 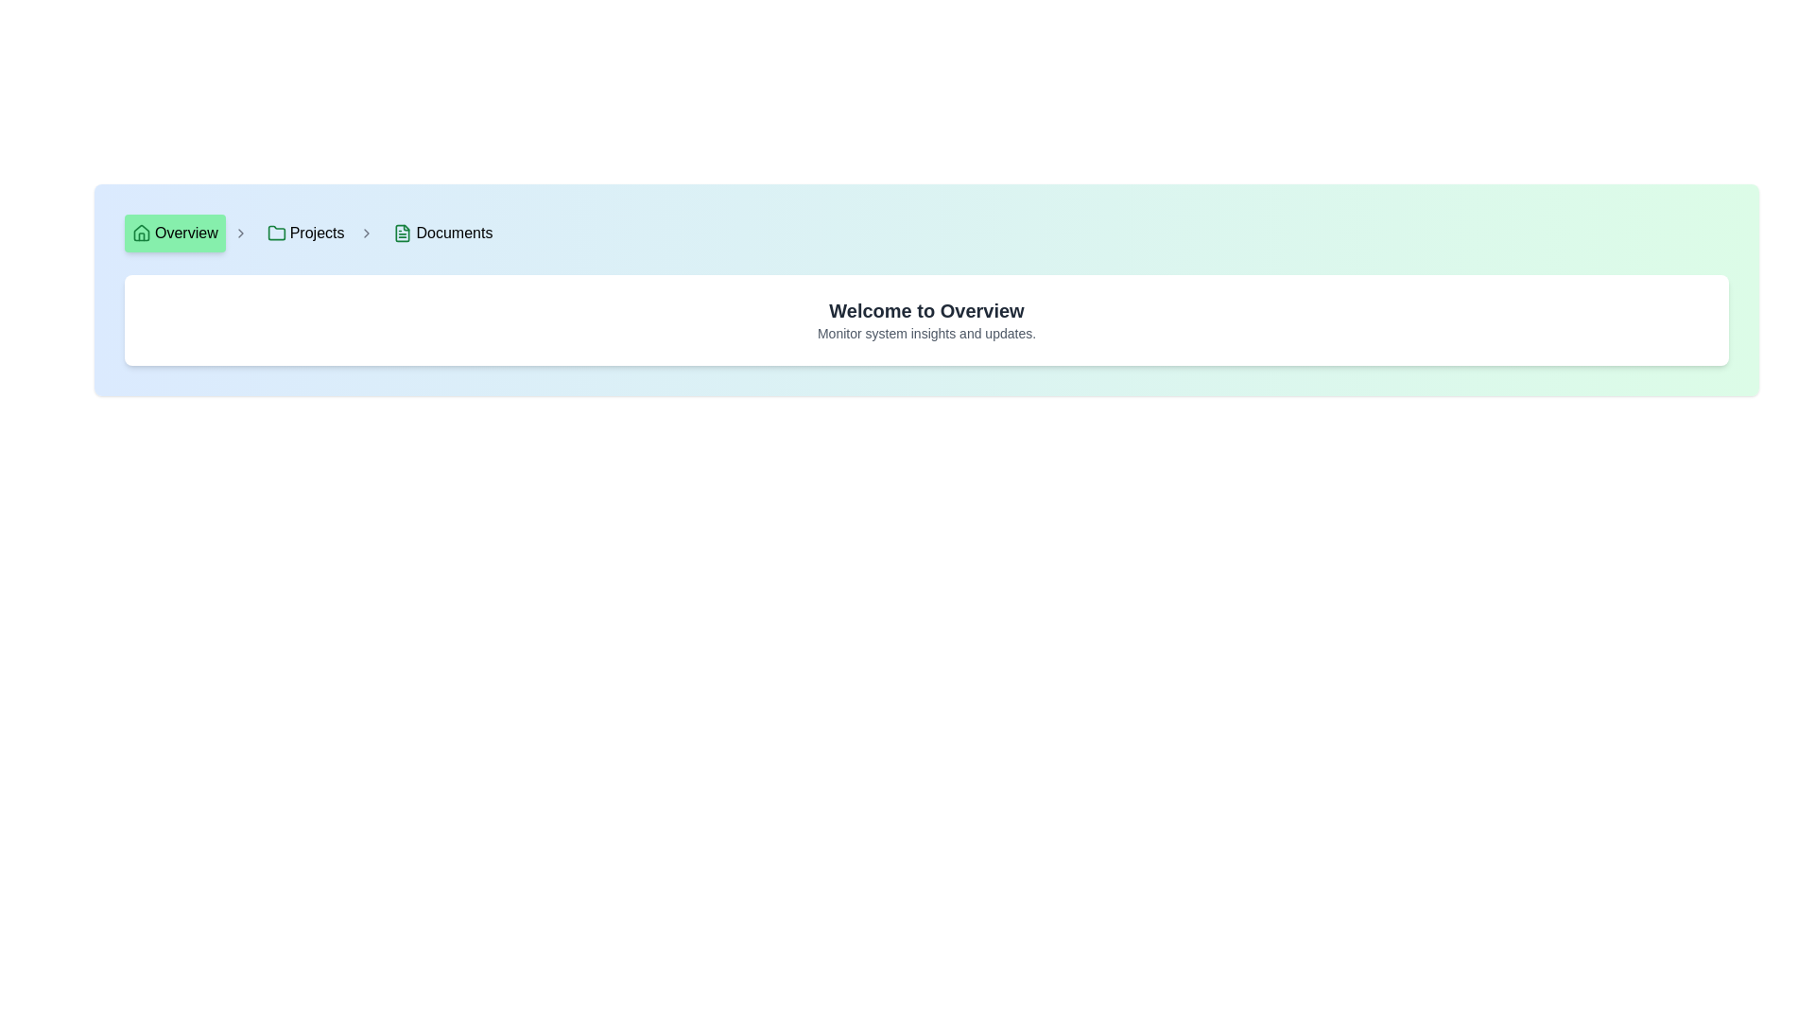 I want to click on the chevron SVG-based icon that serves as a navigation indicator in the breadcrumb trail, located immediately to the right of the 'Projects' text, so click(x=367, y=232).